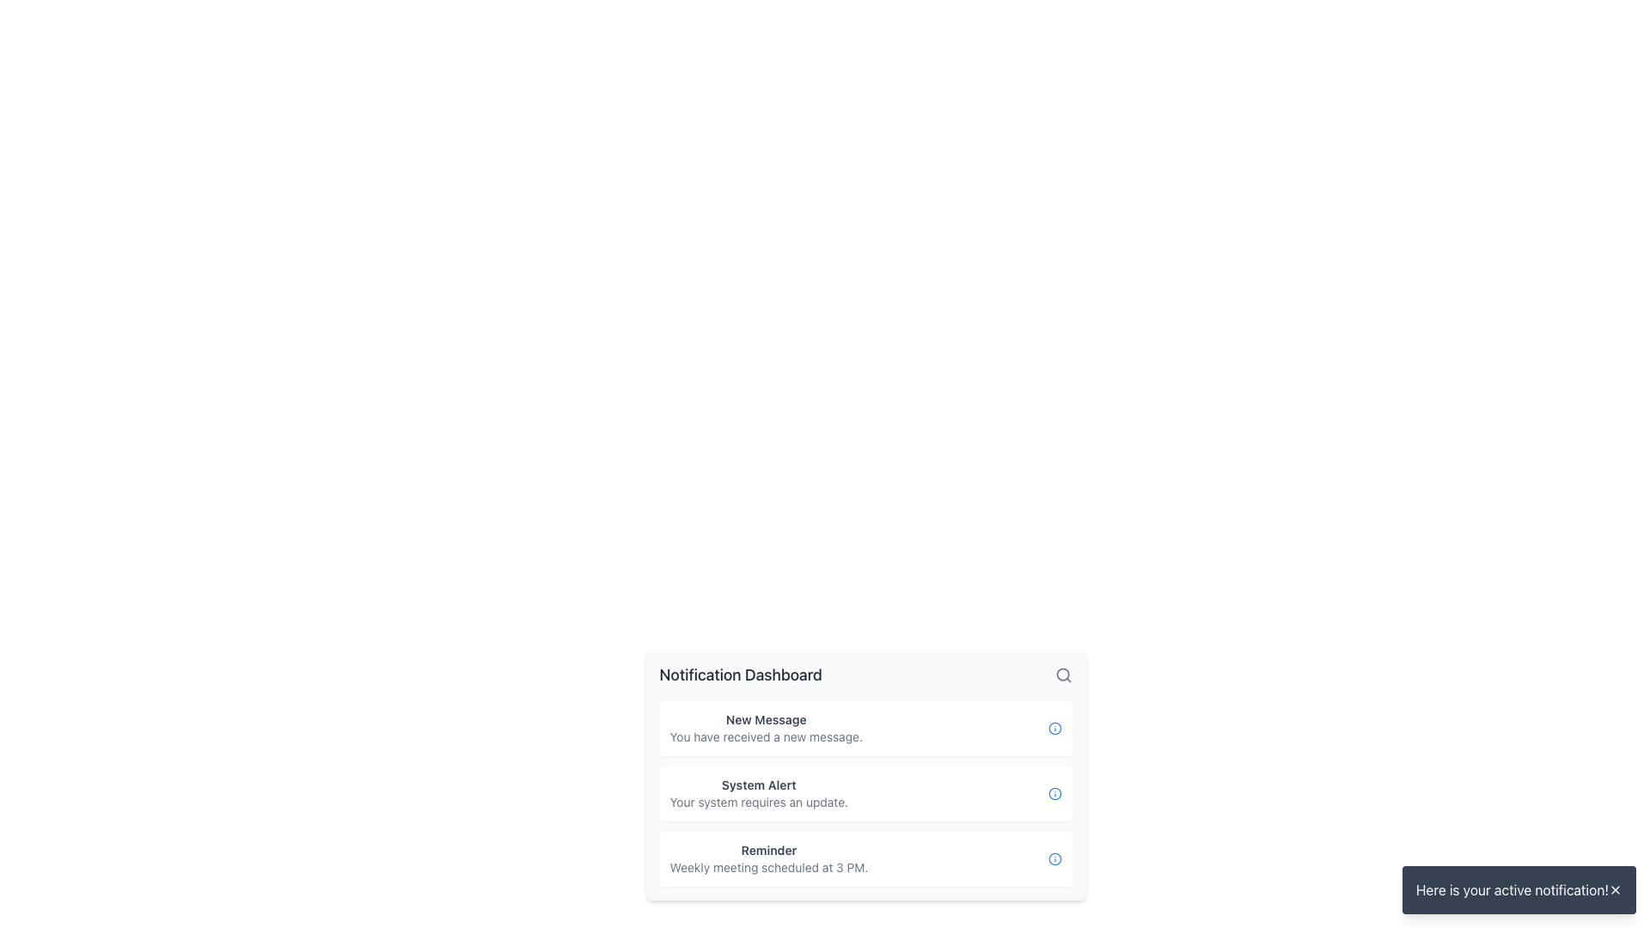 Image resolution: width=1650 pixels, height=928 pixels. I want to click on the information indicator icon located on the right side of the first notification entry, so click(1054, 729).